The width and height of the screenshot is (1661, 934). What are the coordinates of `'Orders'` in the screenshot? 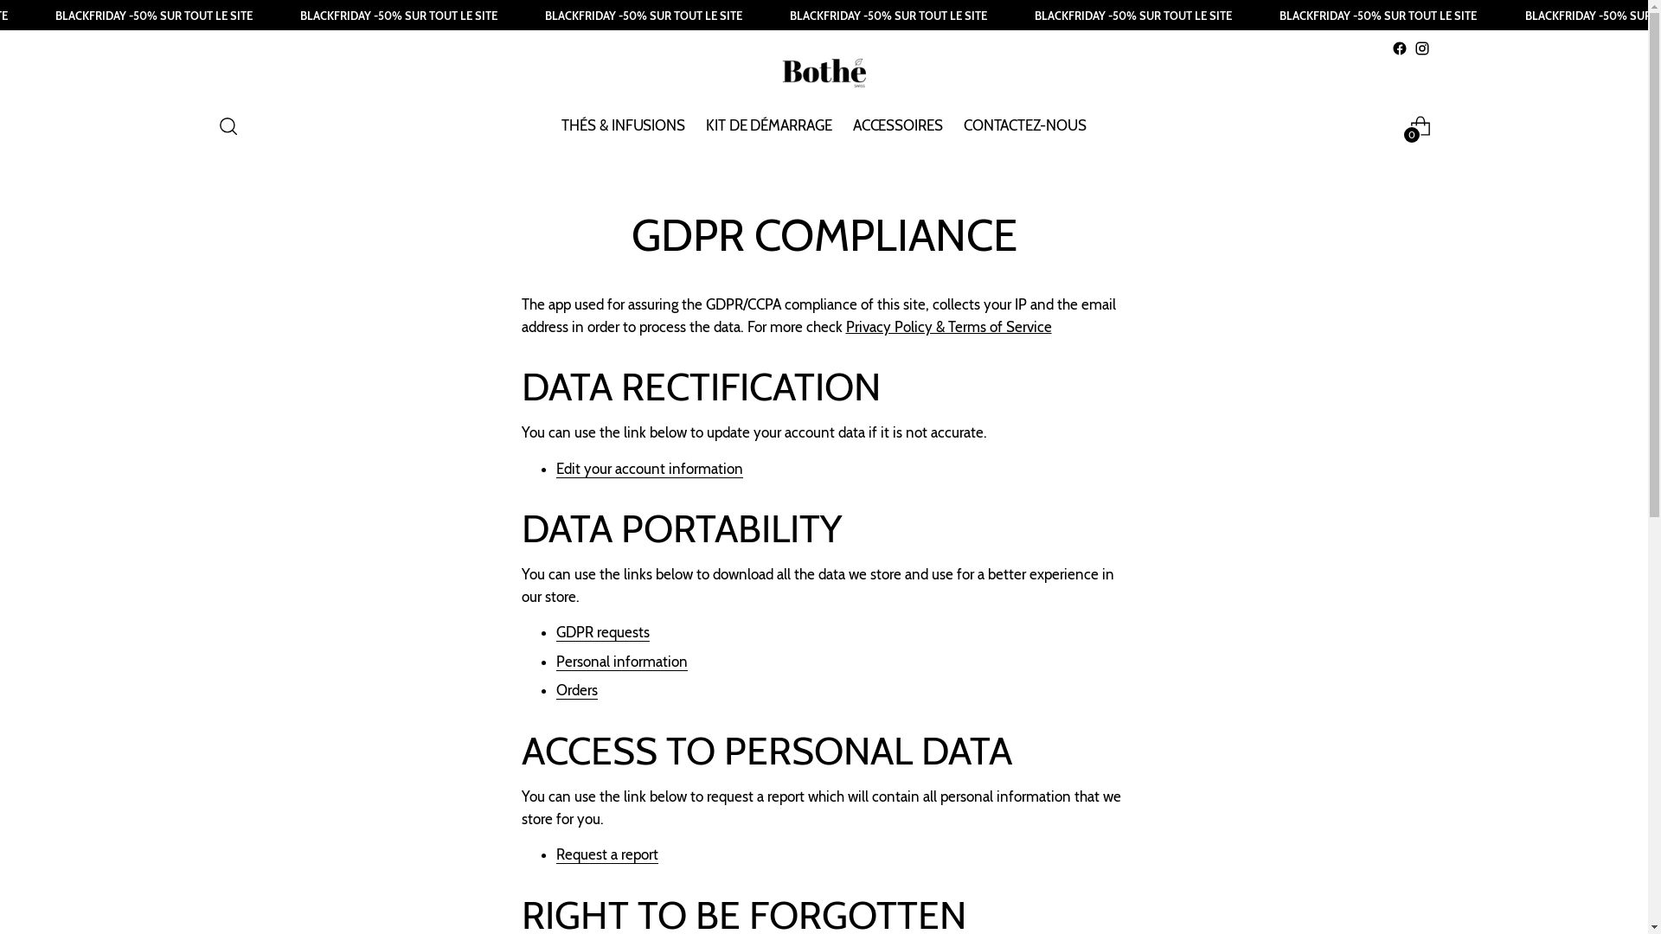 It's located at (576, 689).